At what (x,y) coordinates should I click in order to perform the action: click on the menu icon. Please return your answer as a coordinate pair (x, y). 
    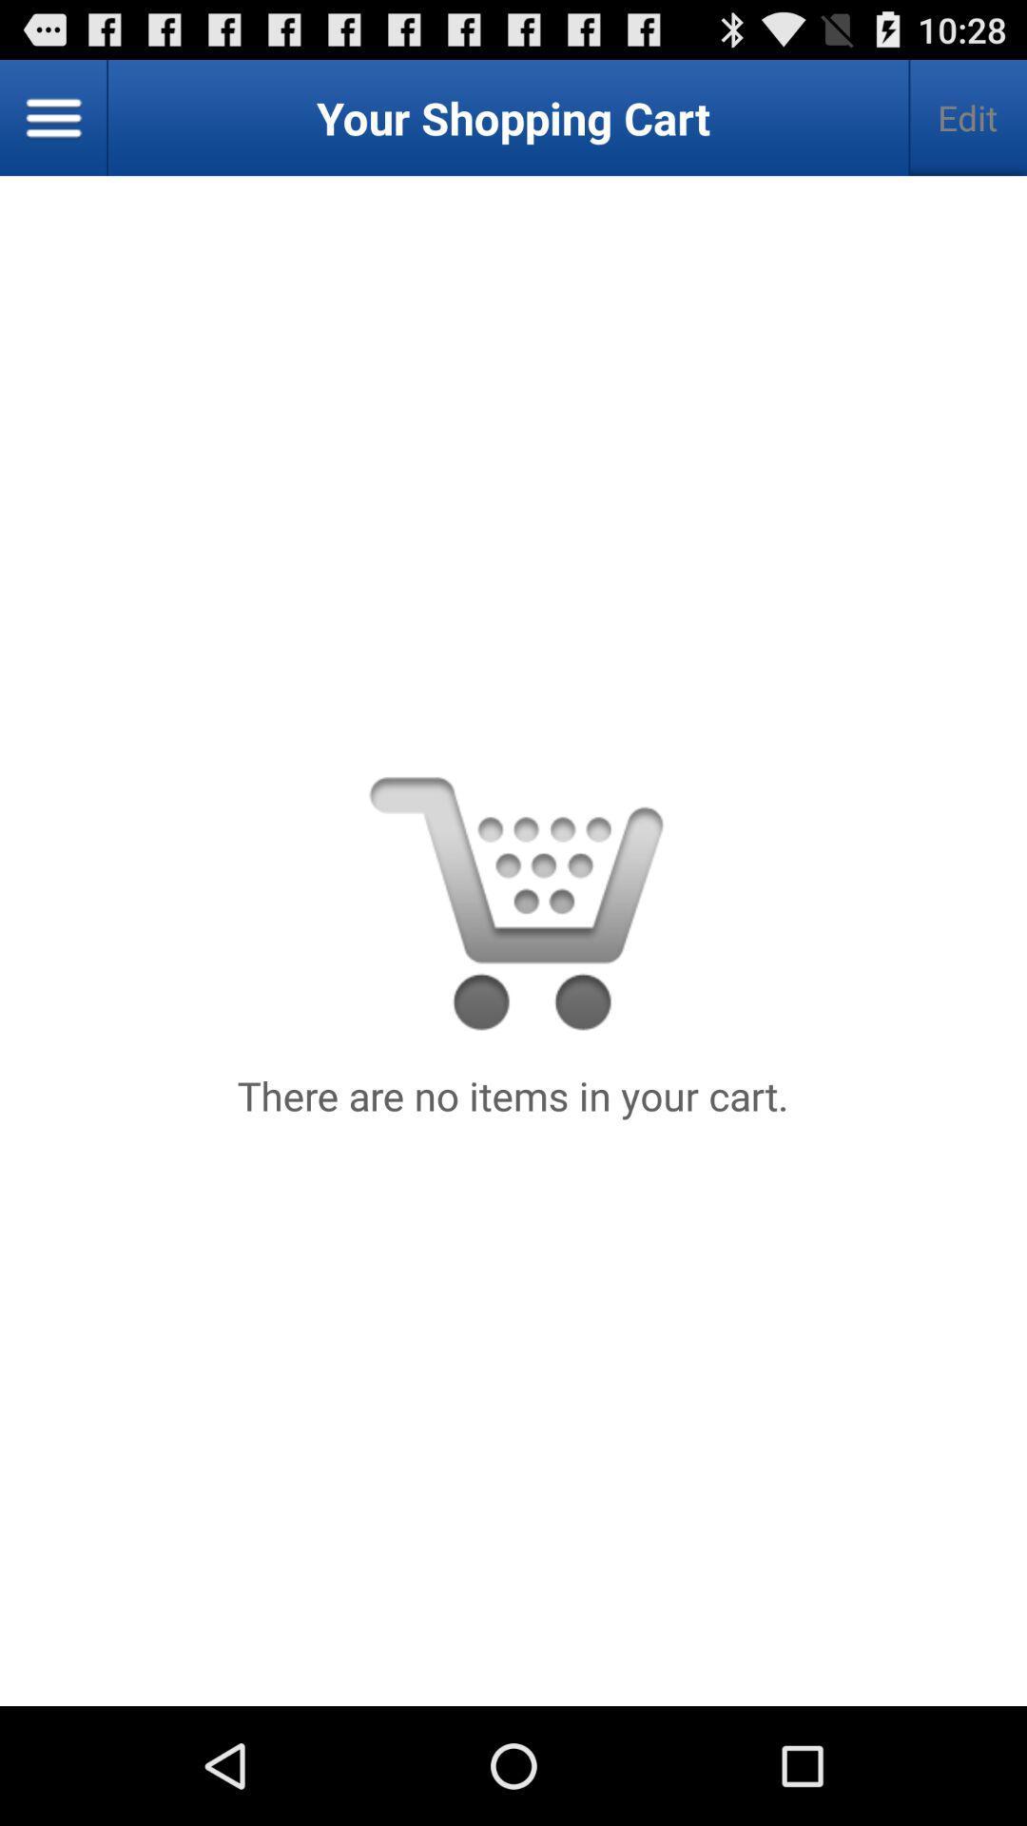
    Looking at the image, I should click on (53, 125).